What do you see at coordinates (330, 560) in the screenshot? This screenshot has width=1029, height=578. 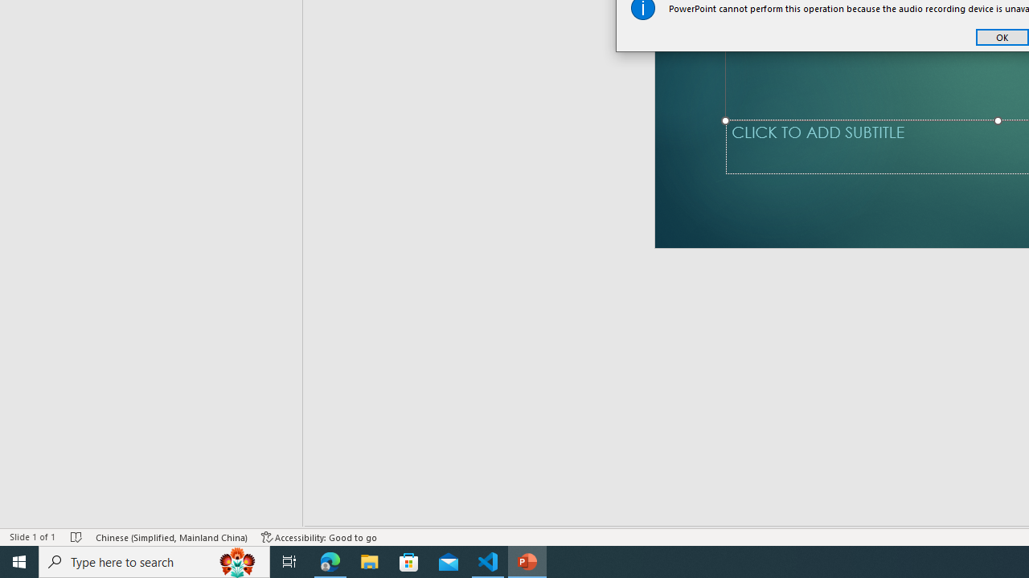 I see `'Microsoft Edge - 1 running window'` at bounding box center [330, 560].